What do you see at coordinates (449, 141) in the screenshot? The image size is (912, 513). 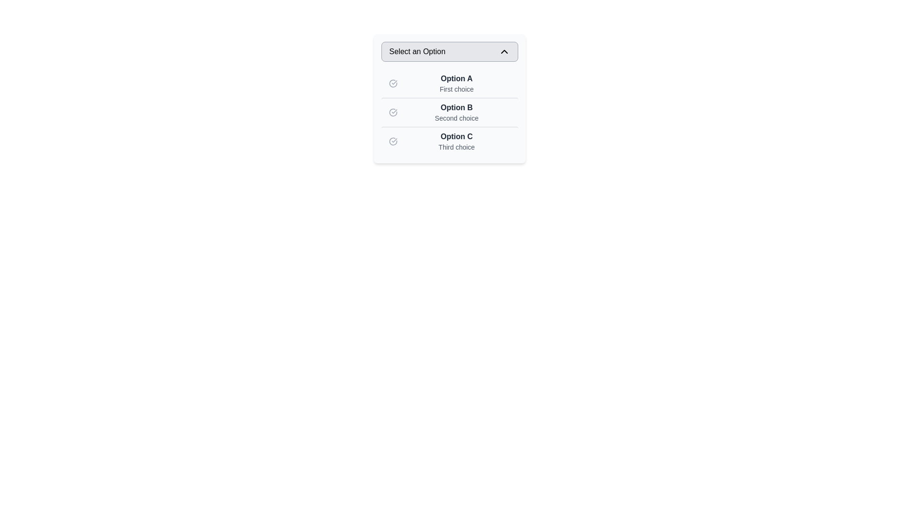 I see `the 'Third choice' option in the dropdown menu` at bounding box center [449, 141].